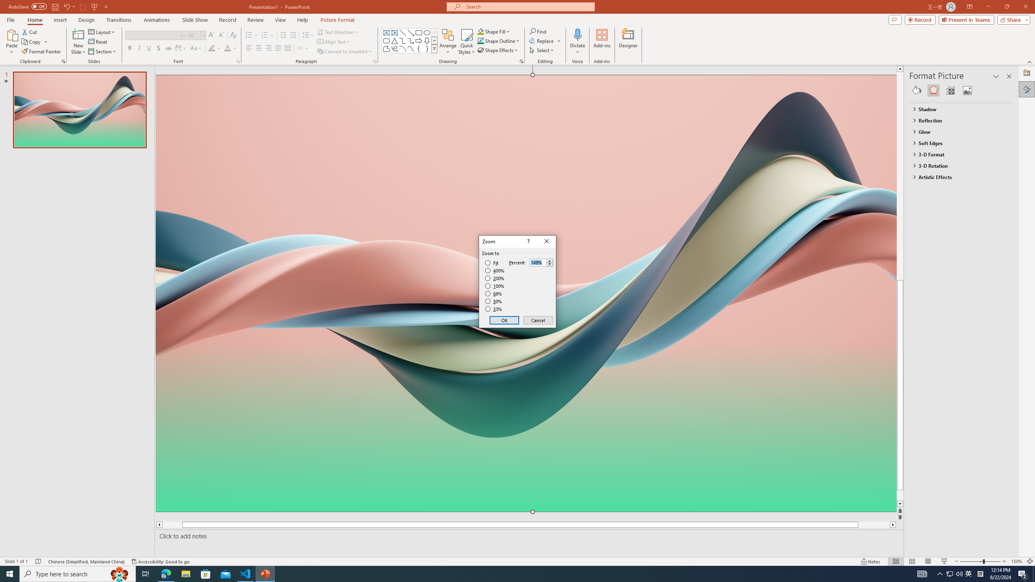  What do you see at coordinates (542, 40) in the screenshot?
I see `'Replace...'` at bounding box center [542, 40].